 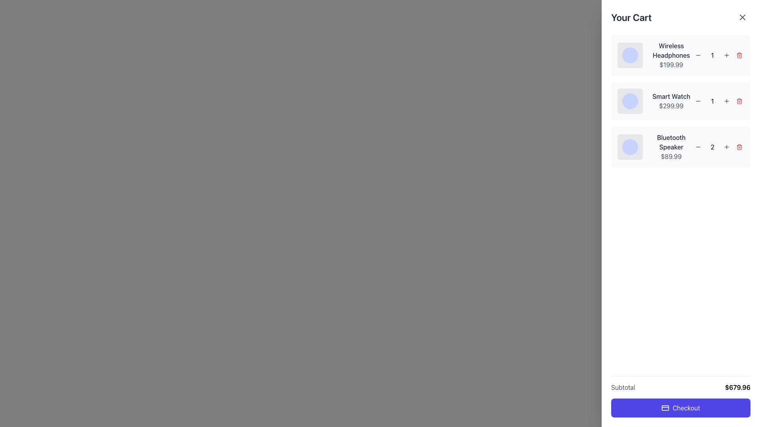 What do you see at coordinates (671, 147) in the screenshot?
I see `the textual label displaying 'Bluetooth Speaker' and its price, which is the last item in the cart's list` at bounding box center [671, 147].